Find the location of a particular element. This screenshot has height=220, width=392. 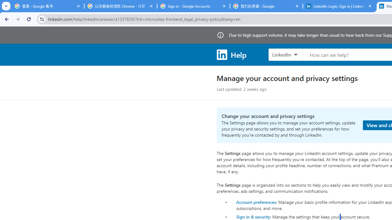

'LinkedIn Login, Sign in | LinkedIn' is located at coordinates (339, 6).